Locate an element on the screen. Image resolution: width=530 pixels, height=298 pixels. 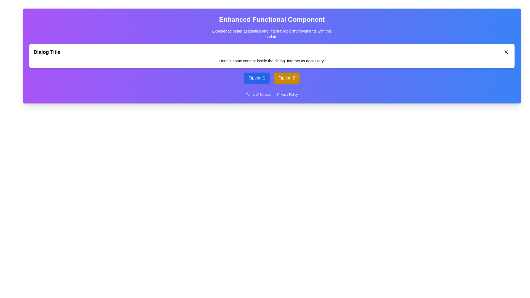
the 'Option 2' button, which is the second button in a horizontal pair located below a title and description in a dialog box, to observe a visual change is located at coordinates (287, 78).